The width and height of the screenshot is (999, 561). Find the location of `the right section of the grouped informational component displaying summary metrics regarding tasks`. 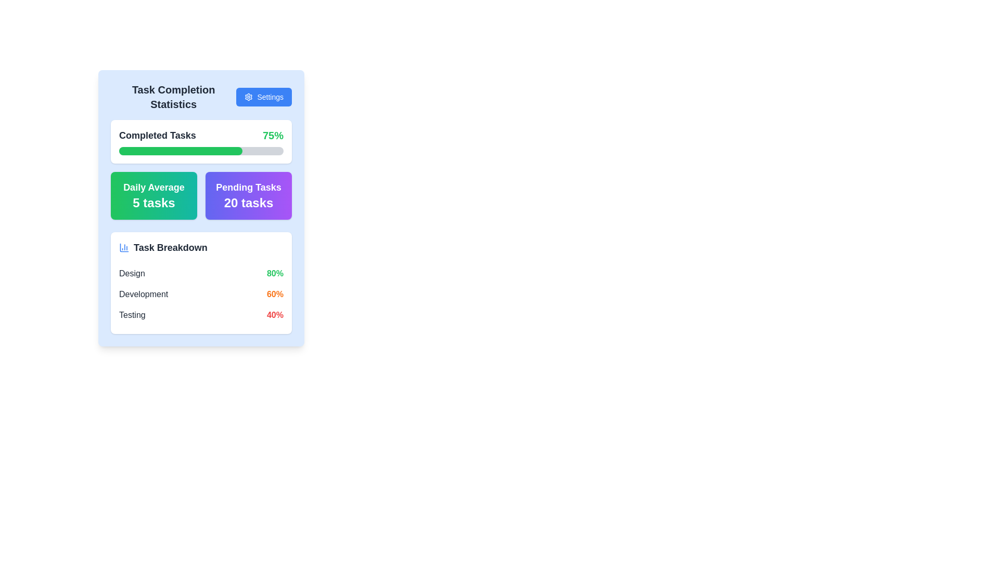

the right section of the grouped informational component displaying summary metrics regarding tasks is located at coordinates (201, 196).